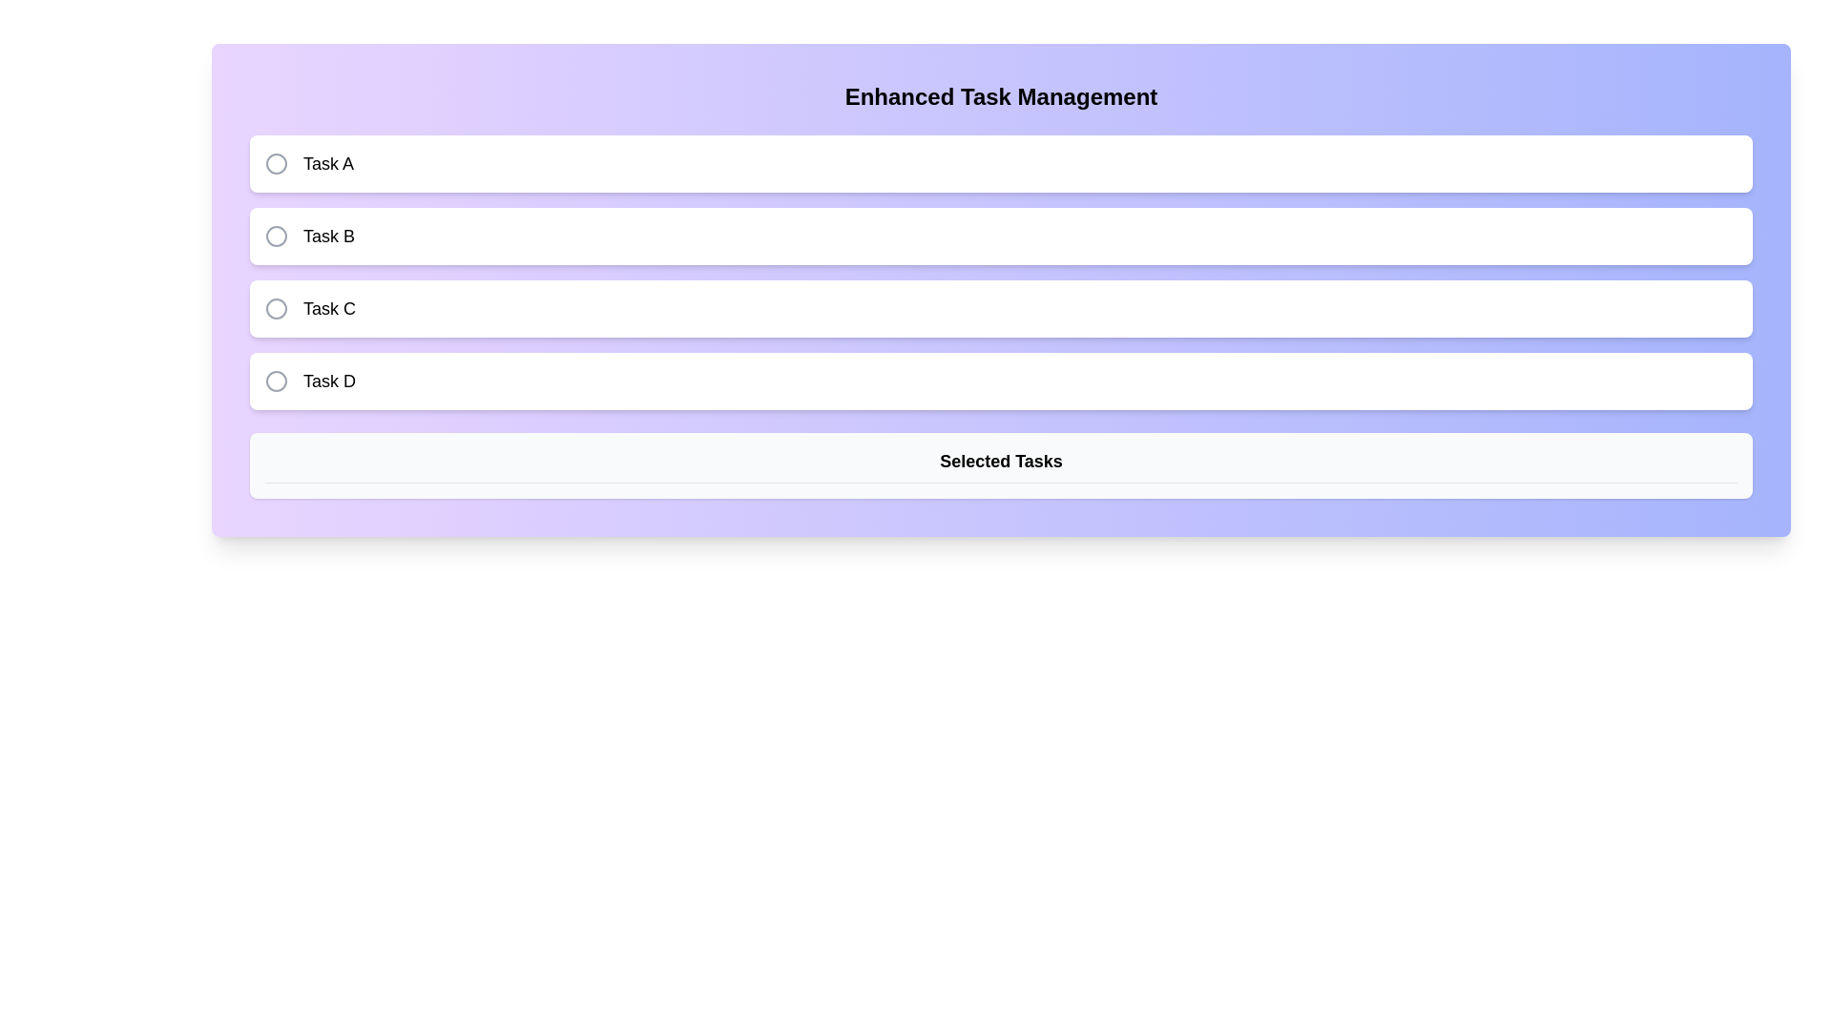 This screenshot has height=1030, width=1832. Describe the element at coordinates (275, 381) in the screenshot. I see `the SVG circle element that represents the selection for 'Task D' in the vertical list of task options` at that location.